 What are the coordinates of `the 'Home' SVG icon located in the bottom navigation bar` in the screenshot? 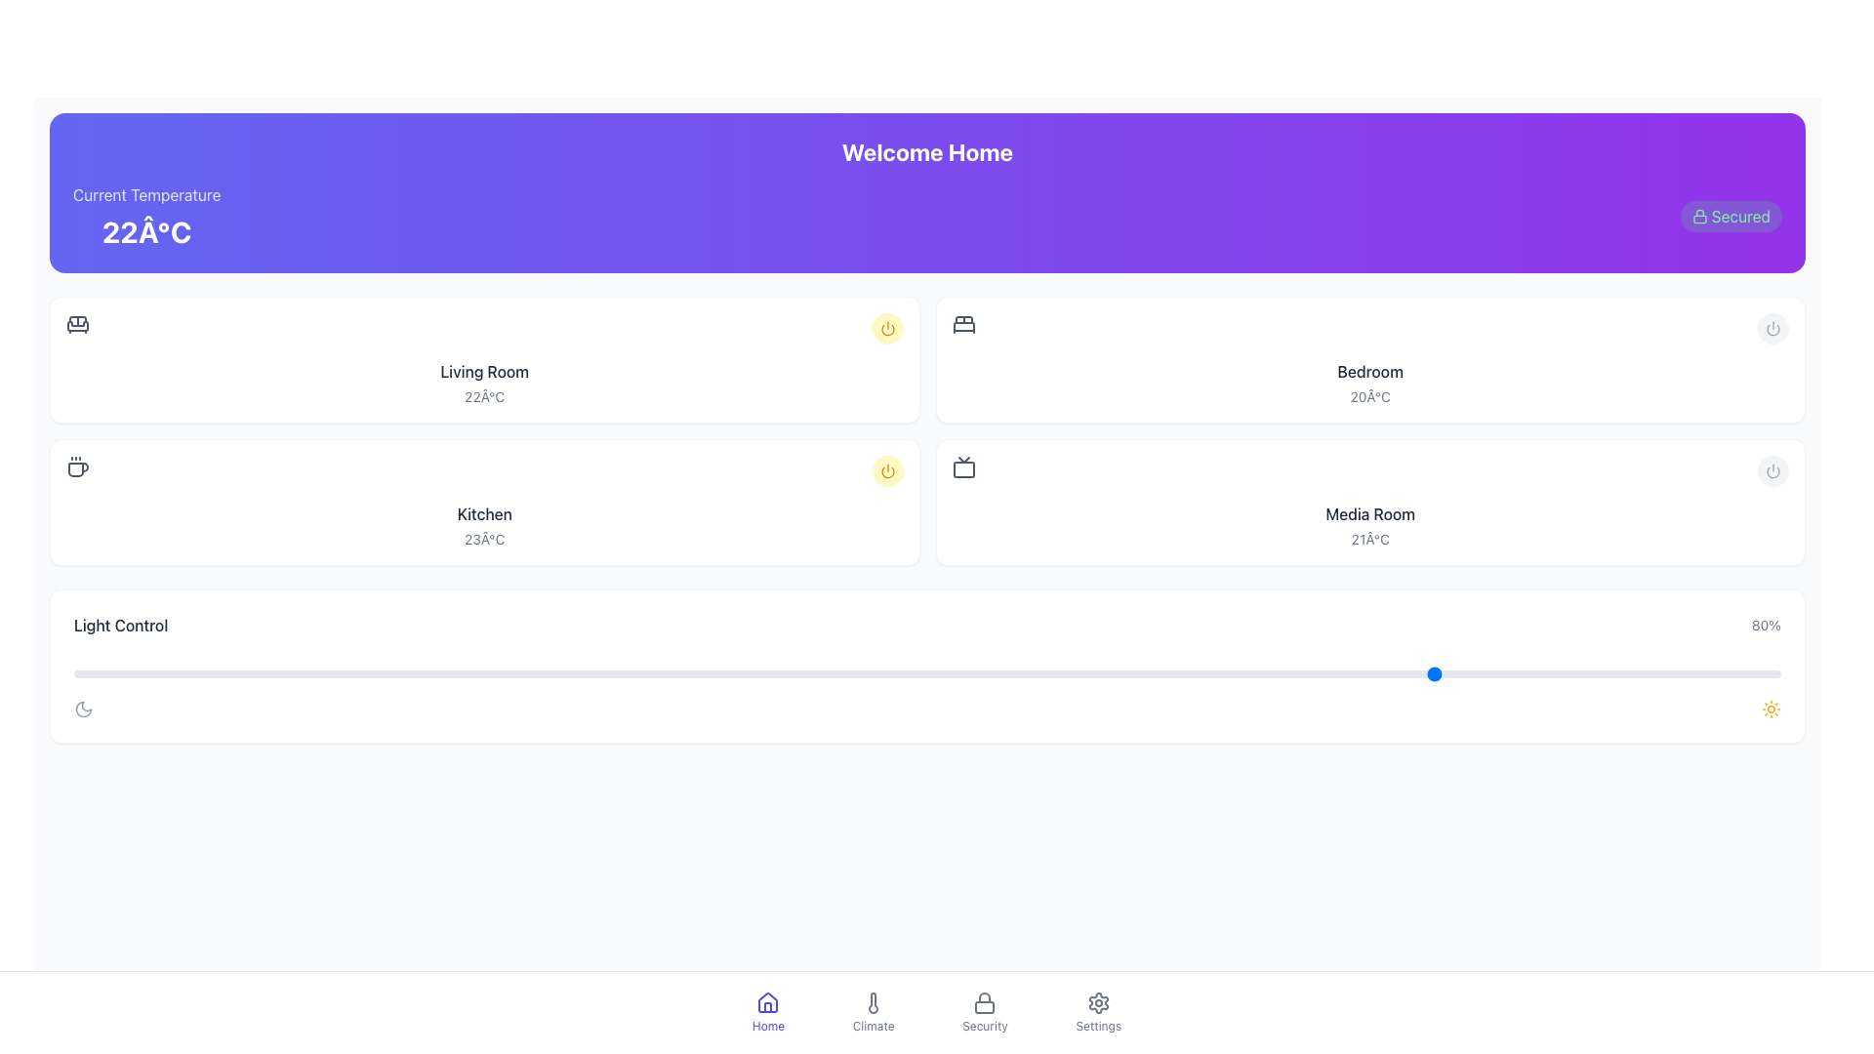 It's located at (767, 1002).